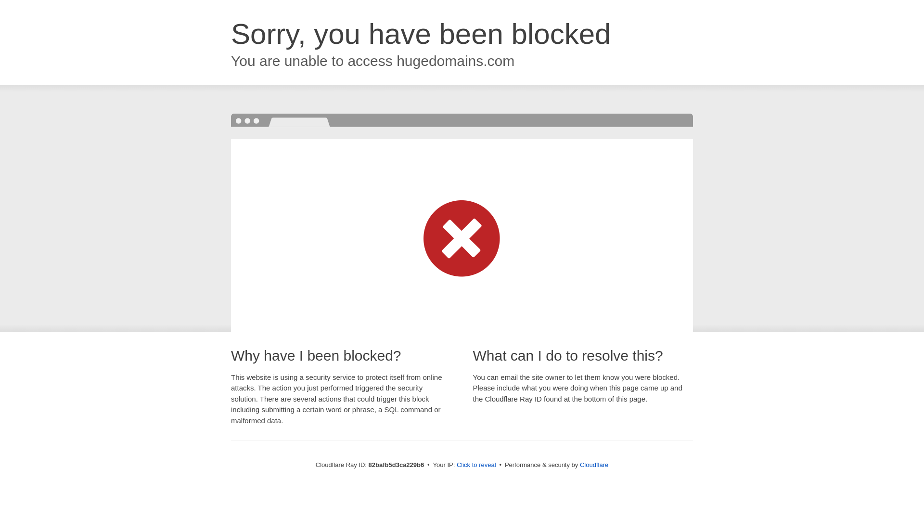  I want to click on 'Click to reveal', so click(456, 464).